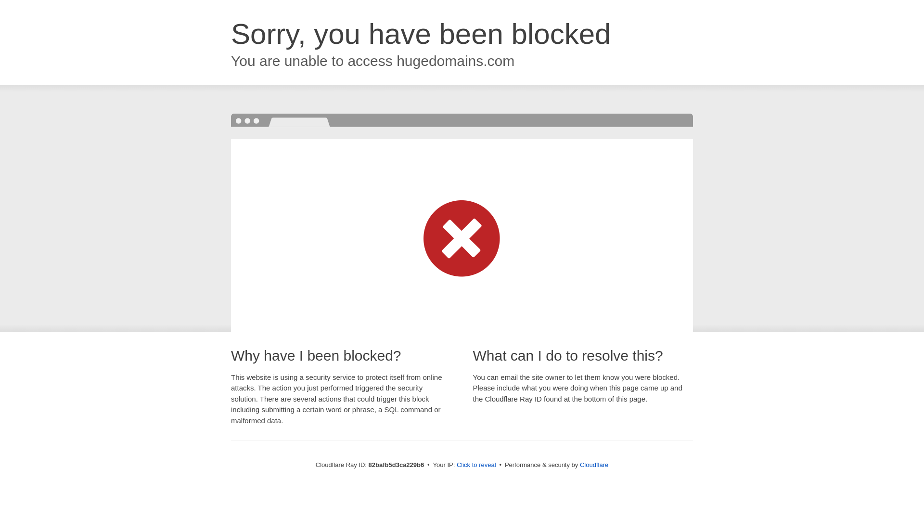  I want to click on 'Click to reveal', so click(456, 464).